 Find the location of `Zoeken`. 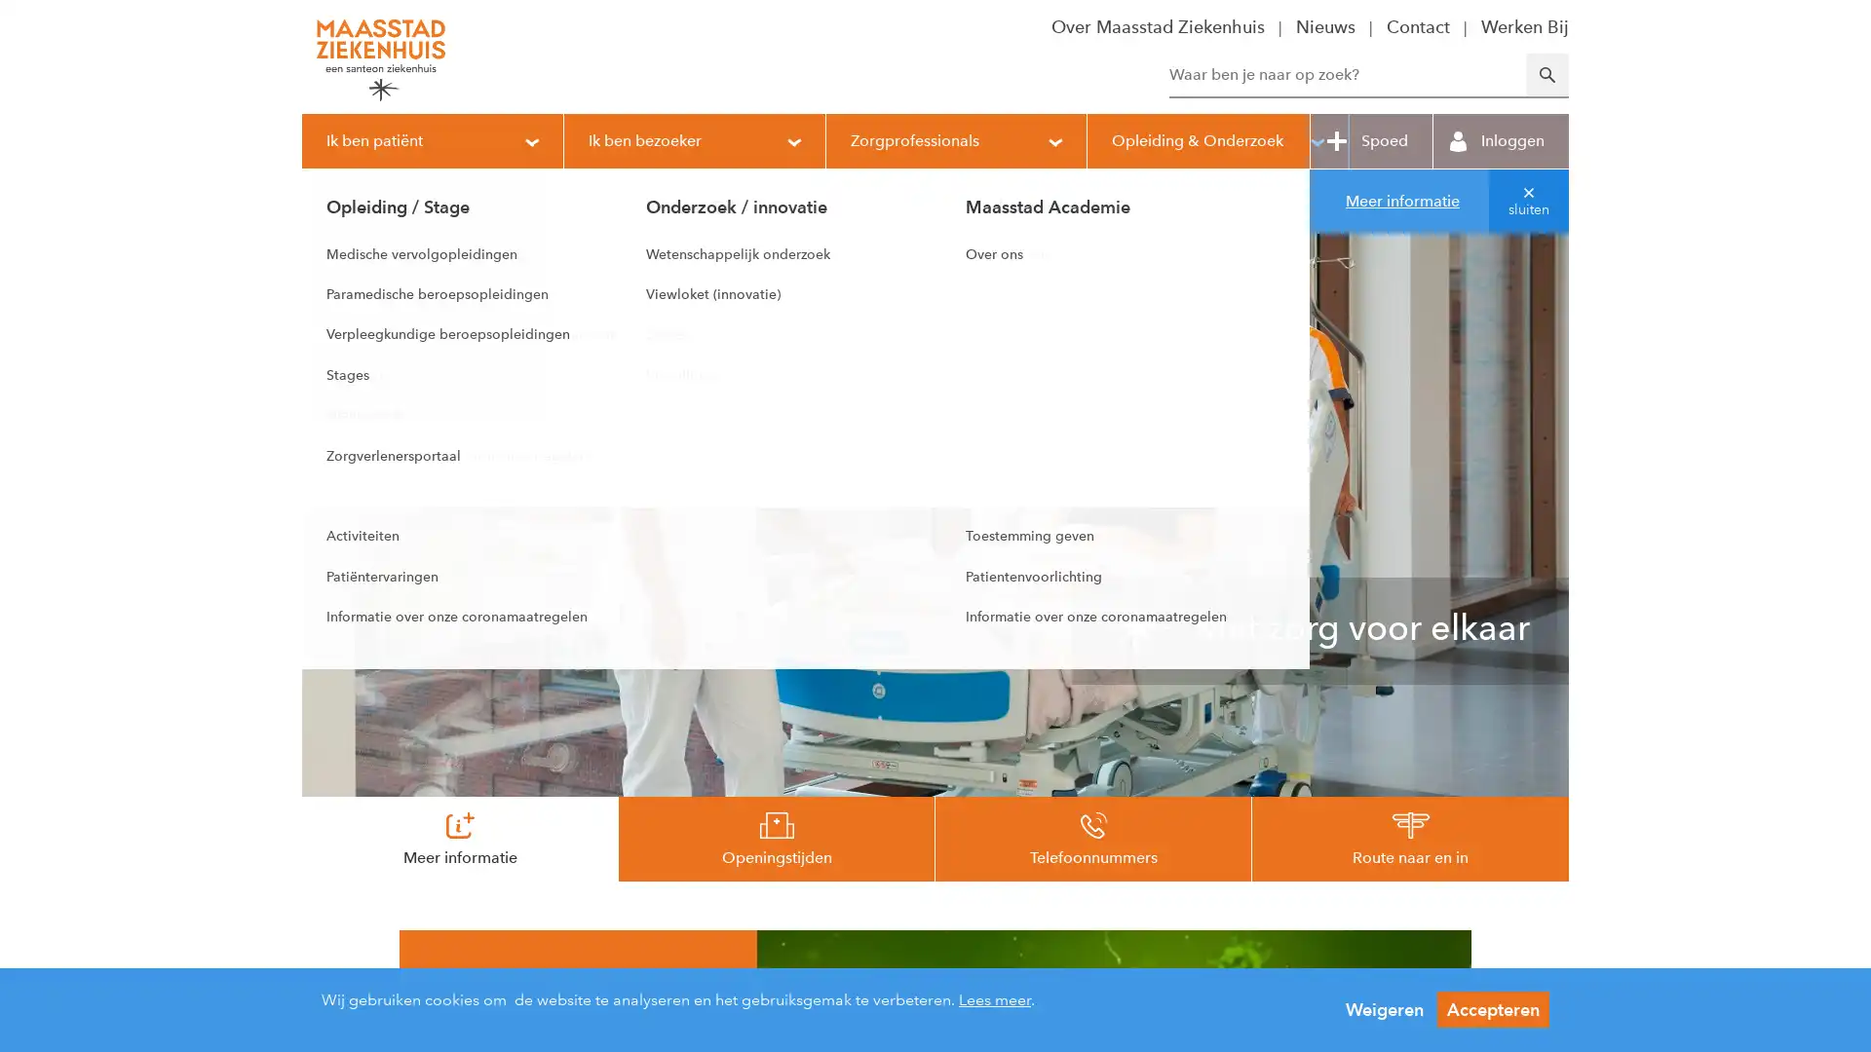

Zoeken is located at coordinates (1546, 74).